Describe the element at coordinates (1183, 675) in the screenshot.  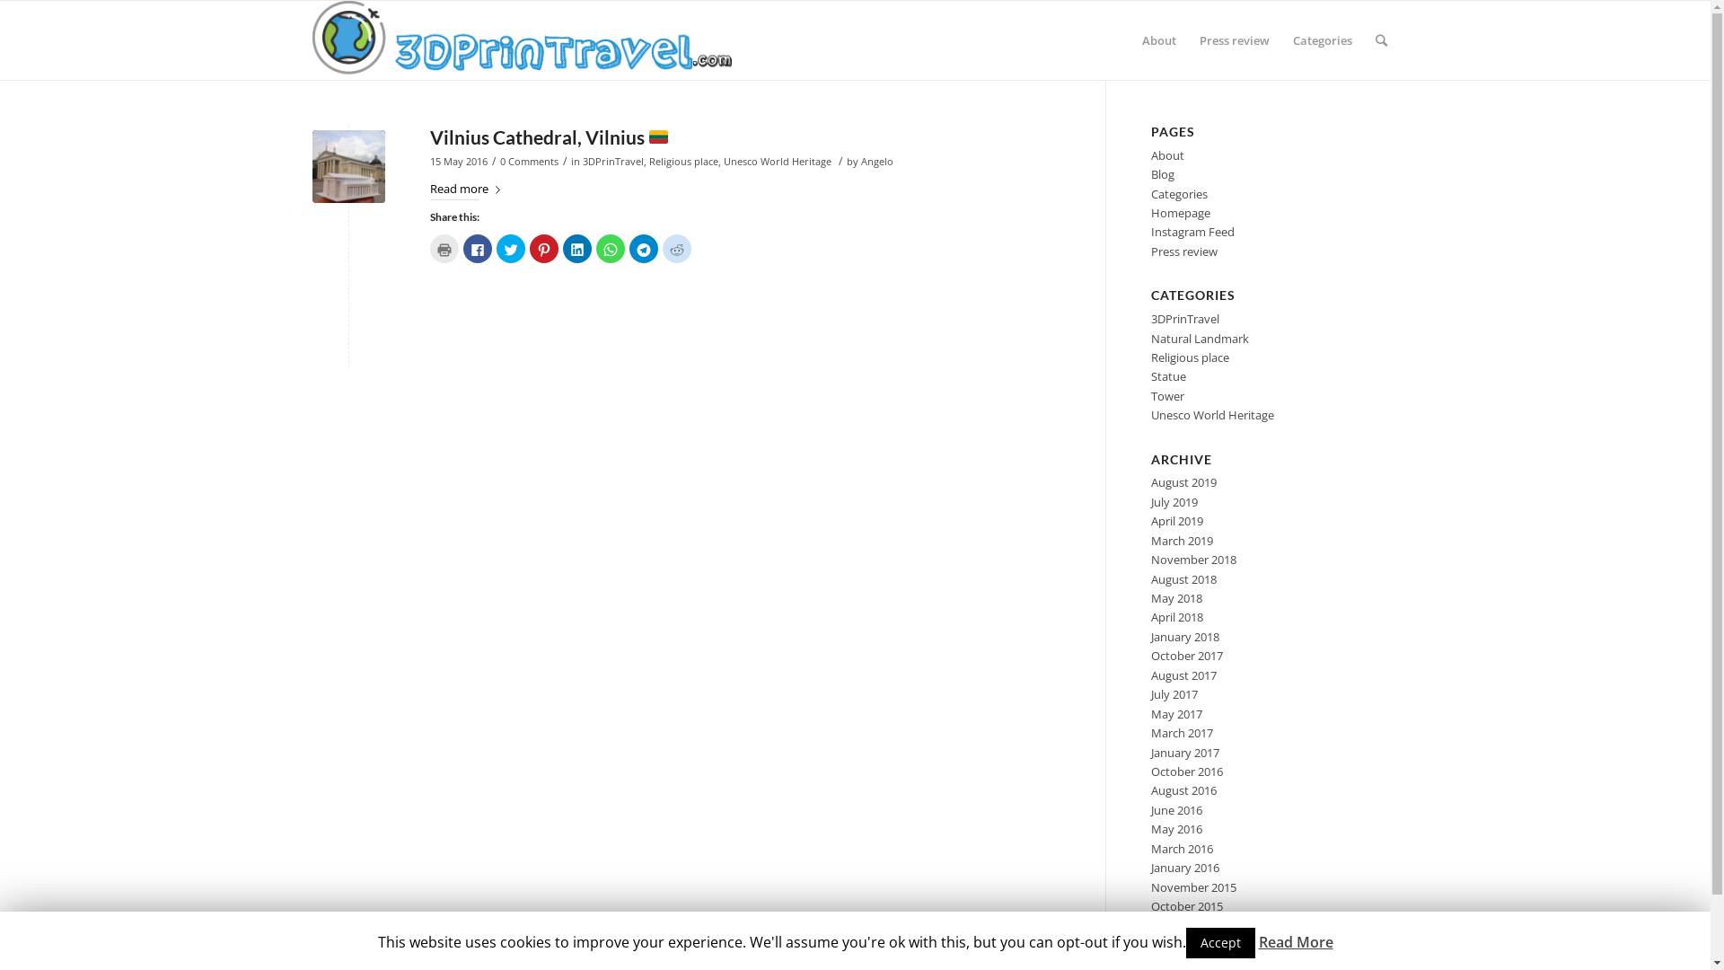
I see `'August 2017'` at that location.